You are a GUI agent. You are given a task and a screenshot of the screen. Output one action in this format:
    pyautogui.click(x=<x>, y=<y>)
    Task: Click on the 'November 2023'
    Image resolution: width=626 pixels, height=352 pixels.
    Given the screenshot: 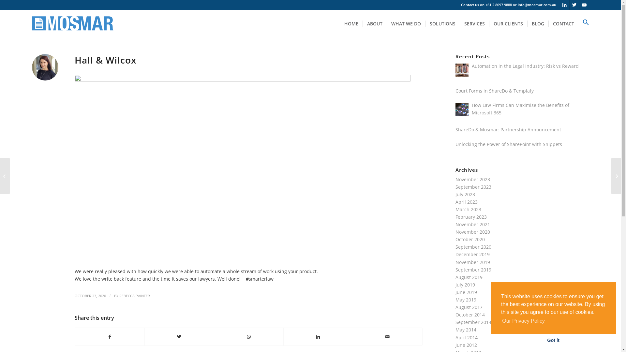 What is the action you would take?
    pyautogui.click(x=472, y=179)
    